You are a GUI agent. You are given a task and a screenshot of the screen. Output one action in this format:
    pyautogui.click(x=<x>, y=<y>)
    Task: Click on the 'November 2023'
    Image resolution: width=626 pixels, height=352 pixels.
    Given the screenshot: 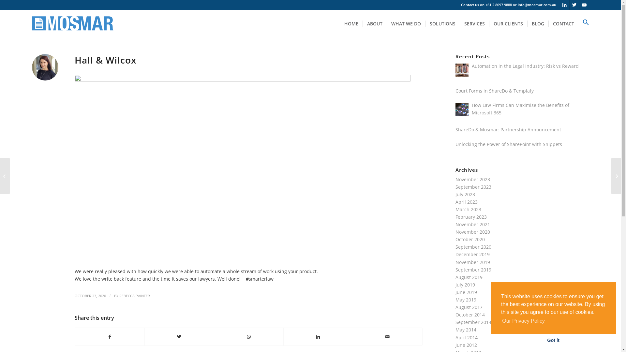 What is the action you would take?
    pyautogui.click(x=472, y=179)
    